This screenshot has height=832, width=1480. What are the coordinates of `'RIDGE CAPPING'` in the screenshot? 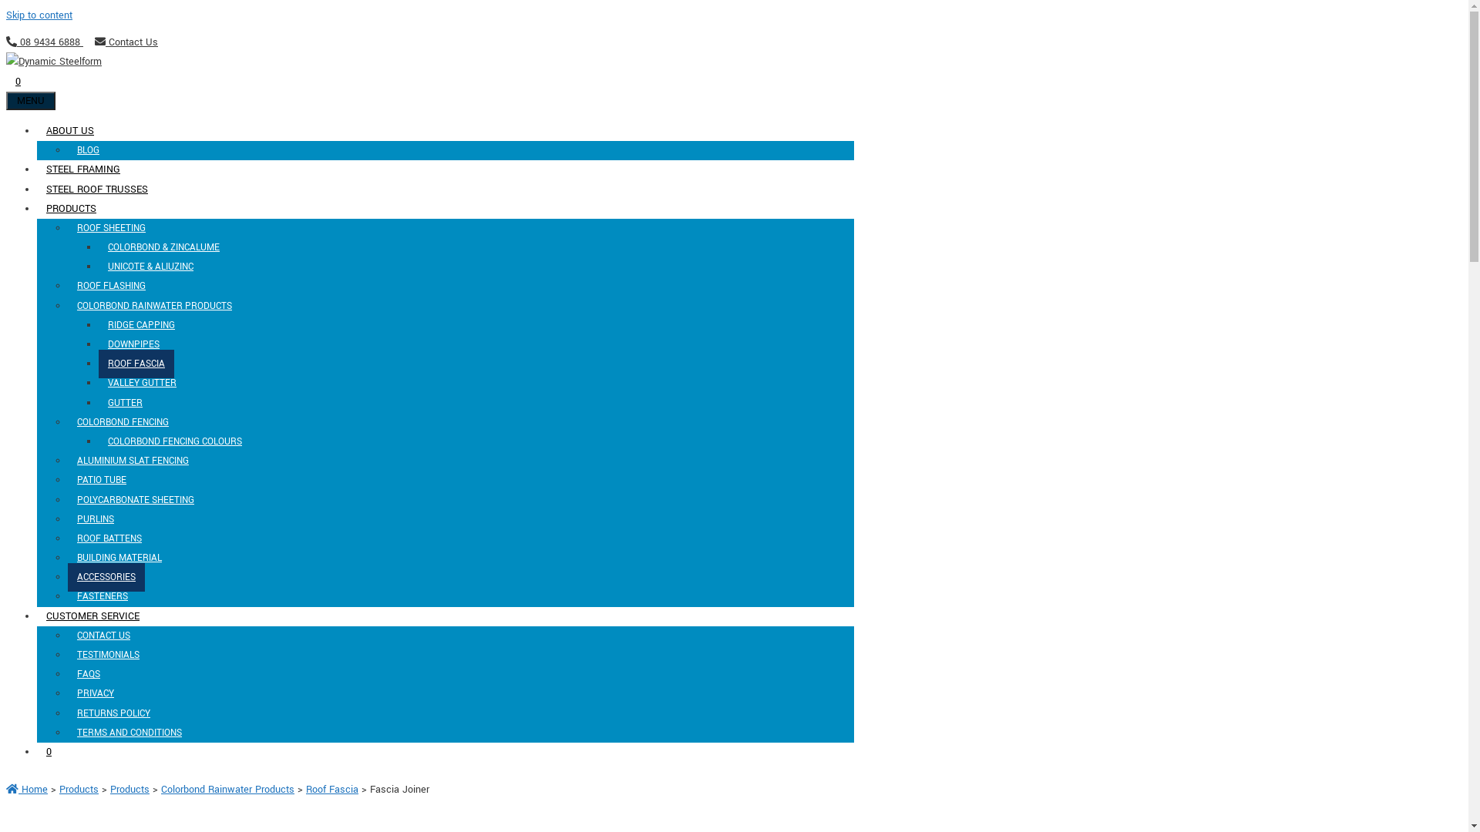 It's located at (141, 324).